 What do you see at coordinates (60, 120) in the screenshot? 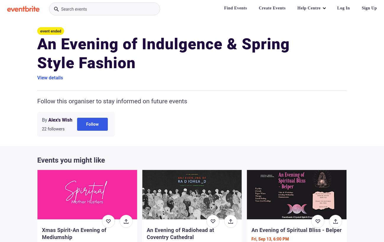
I see `'Alex's Wish'` at bounding box center [60, 120].